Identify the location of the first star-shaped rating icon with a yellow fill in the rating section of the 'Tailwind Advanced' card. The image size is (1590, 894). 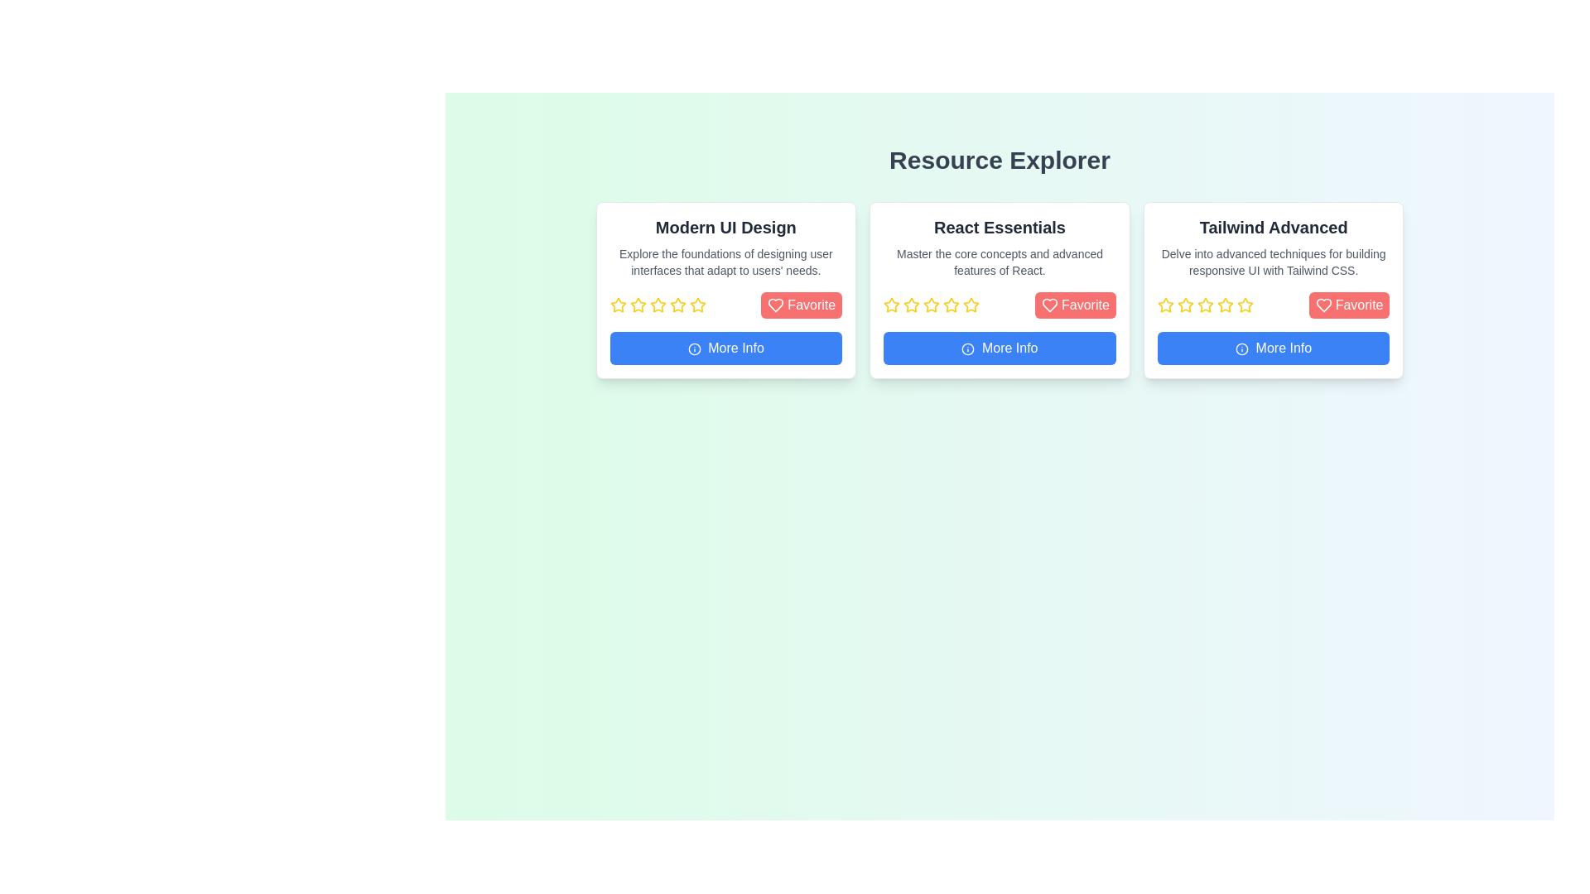
(1164, 305).